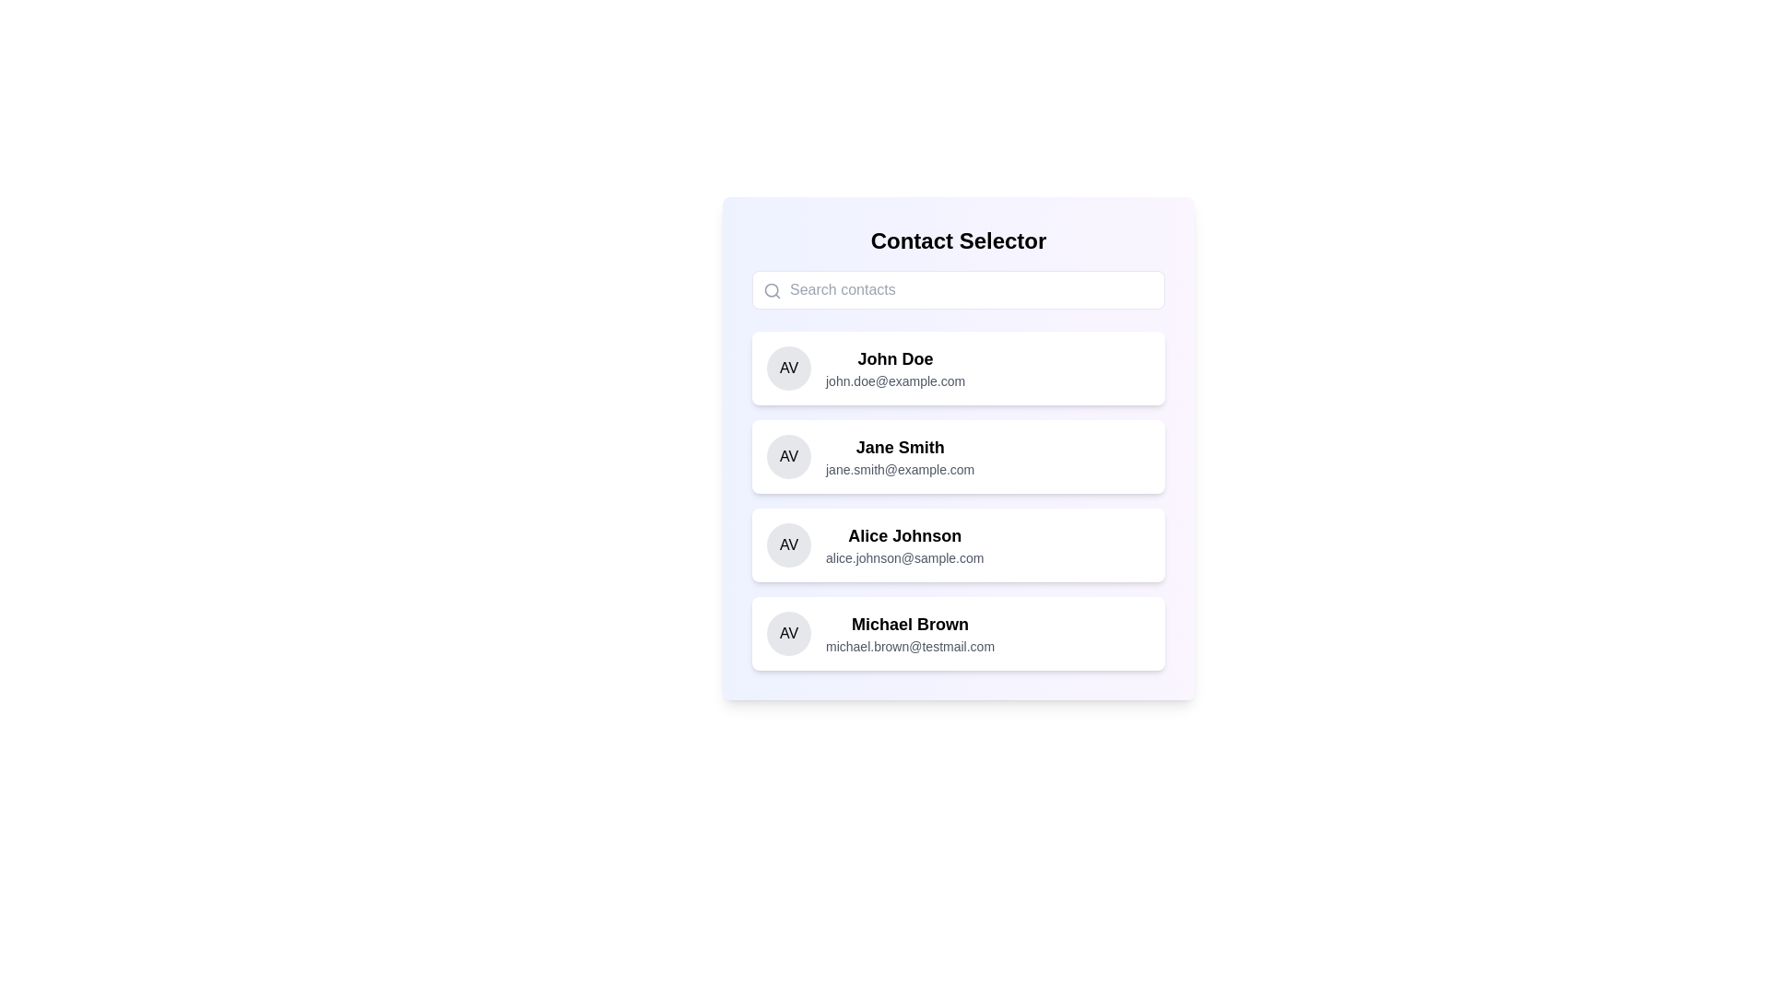 This screenshot has height=995, width=1770. Describe the element at coordinates (910, 632) in the screenshot. I see `on the label containing 'Michael Brown' and 'michael.brown@testmail.com' text, located in the bottom part of the fourth card in a vertical stacked list` at that location.